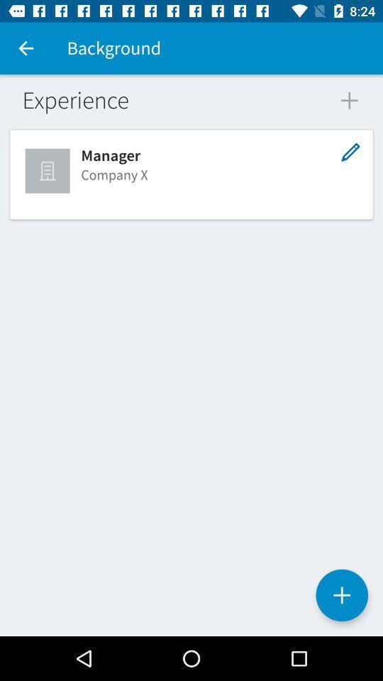  I want to click on icon to the left of manager icon, so click(48, 170).